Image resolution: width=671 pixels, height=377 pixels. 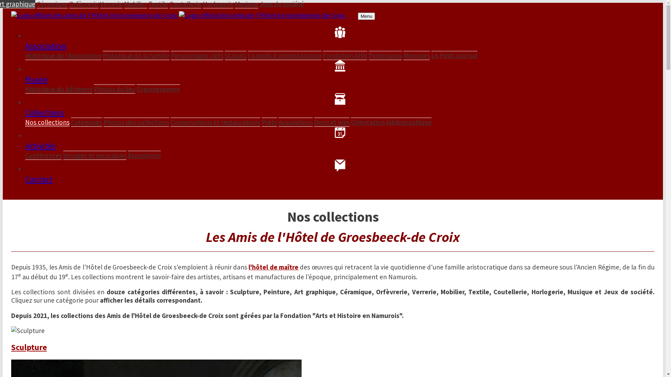 What do you see at coordinates (366, 16) in the screenshot?
I see `'Menu'` at bounding box center [366, 16].